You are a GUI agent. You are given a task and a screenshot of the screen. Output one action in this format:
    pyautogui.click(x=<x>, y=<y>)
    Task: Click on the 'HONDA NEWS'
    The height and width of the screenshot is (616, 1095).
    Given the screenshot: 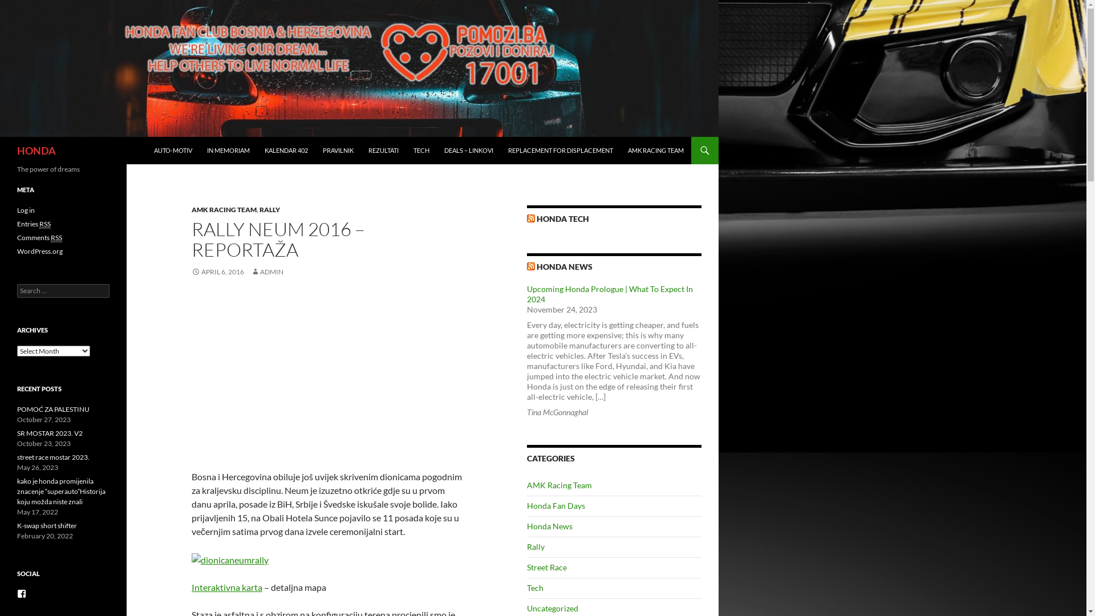 What is the action you would take?
    pyautogui.click(x=536, y=266)
    